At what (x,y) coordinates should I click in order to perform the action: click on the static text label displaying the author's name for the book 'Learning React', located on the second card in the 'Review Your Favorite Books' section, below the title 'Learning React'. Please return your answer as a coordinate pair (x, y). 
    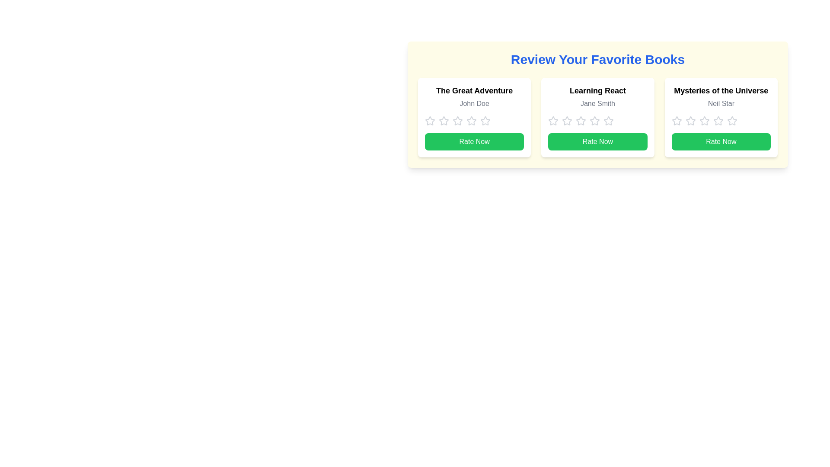
    Looking at the image, I should click on (597, 103).